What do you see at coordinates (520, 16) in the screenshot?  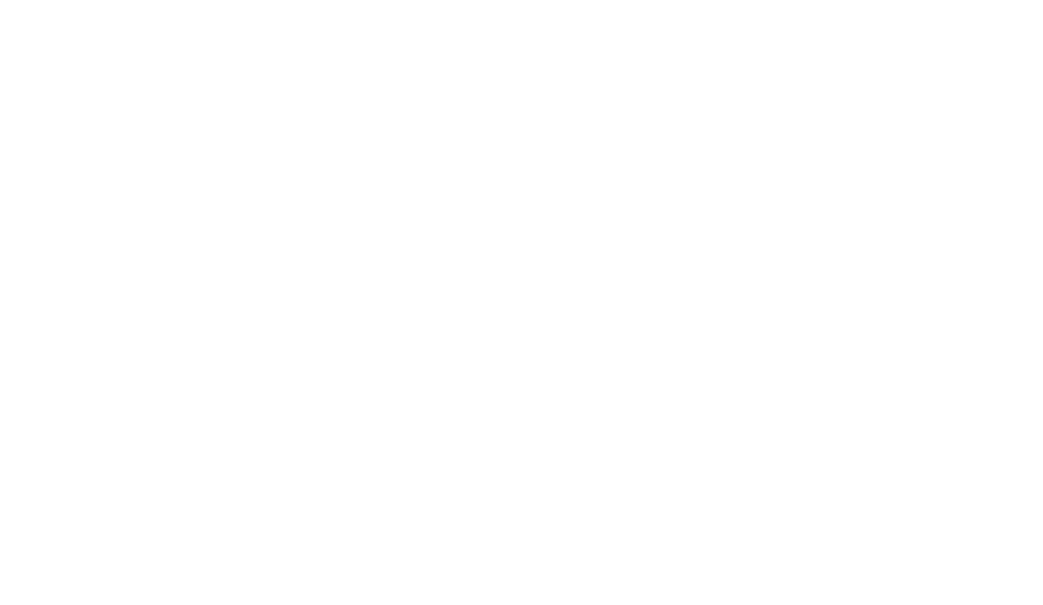 I see `'Alpes-de-Haute-Provence'` at bounding box center [520, 16].